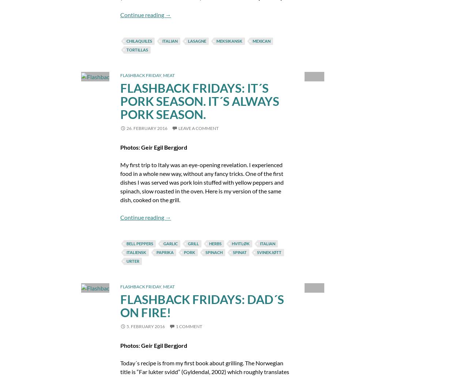  What do you see at coordinates (126, 243) in the screenshot?
I see `'bell peppers'` at bounding box center [126, 243].